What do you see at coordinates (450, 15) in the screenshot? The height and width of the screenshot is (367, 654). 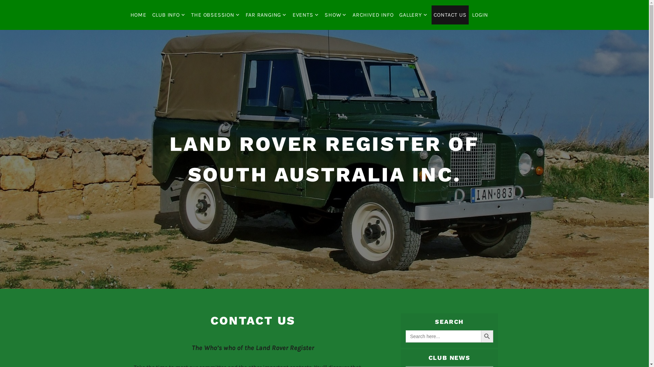 I see `'CONTACT US'` at bounding box center [450, 15].